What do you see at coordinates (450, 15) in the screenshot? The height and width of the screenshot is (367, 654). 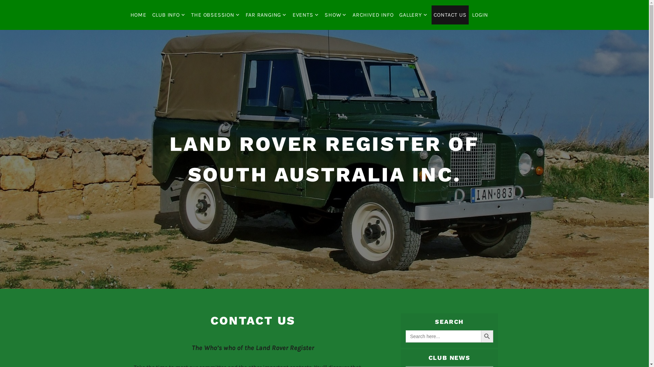 I see `'CONTACT US'` at bounding box center [450, 15].